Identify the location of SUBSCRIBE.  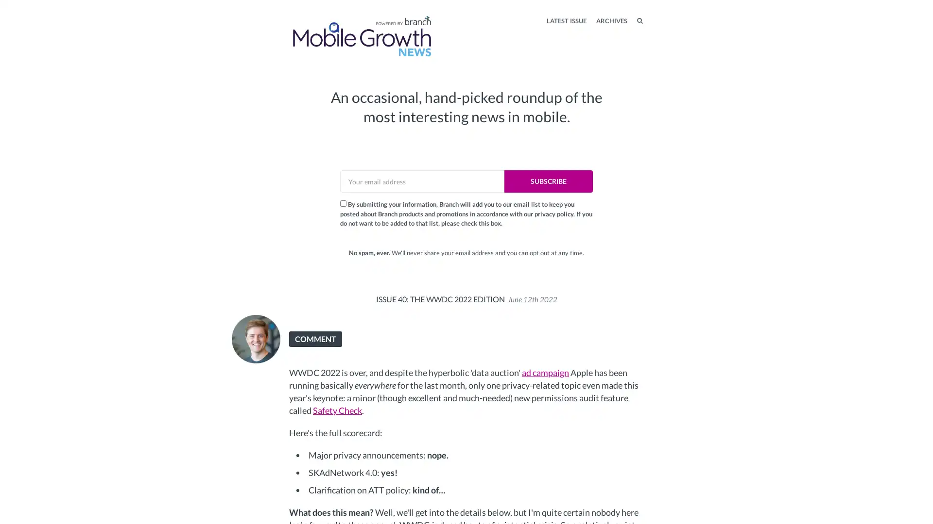
(548, 181).